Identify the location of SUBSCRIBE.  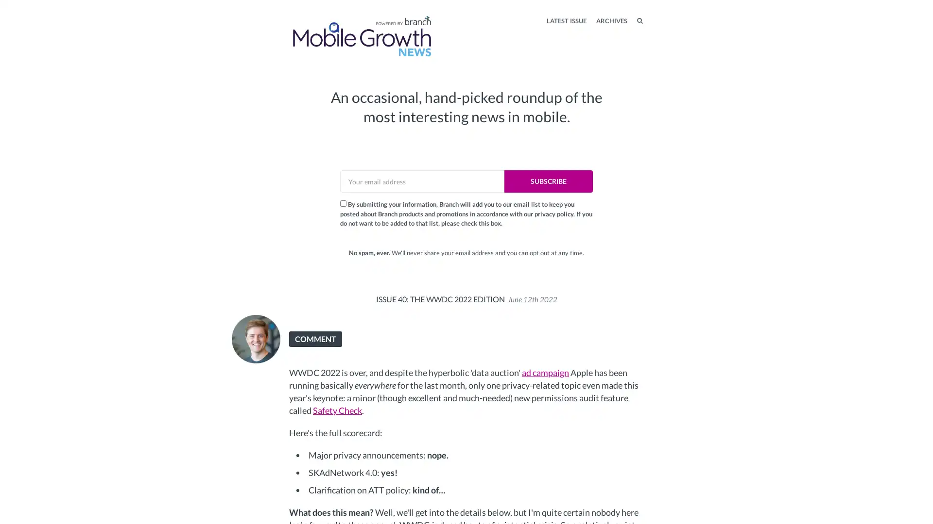
(548, 181).